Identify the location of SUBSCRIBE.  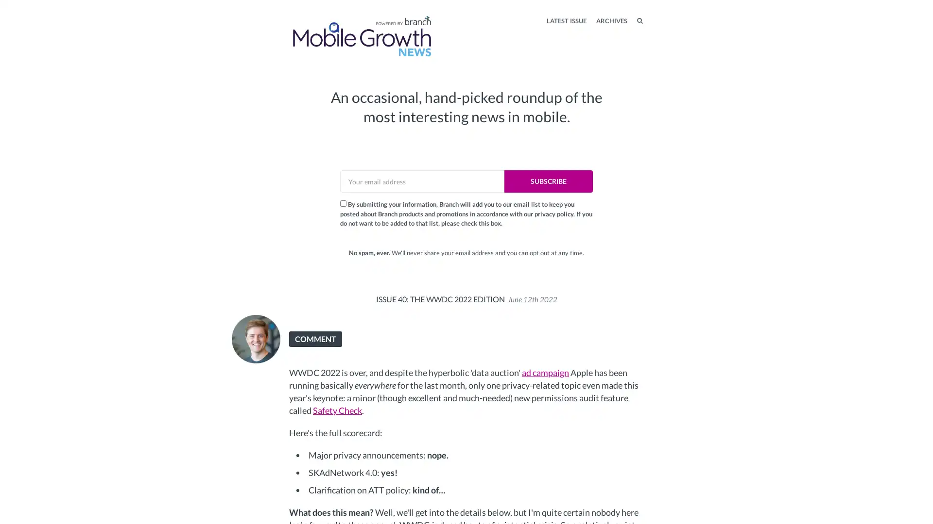
(548, 181).